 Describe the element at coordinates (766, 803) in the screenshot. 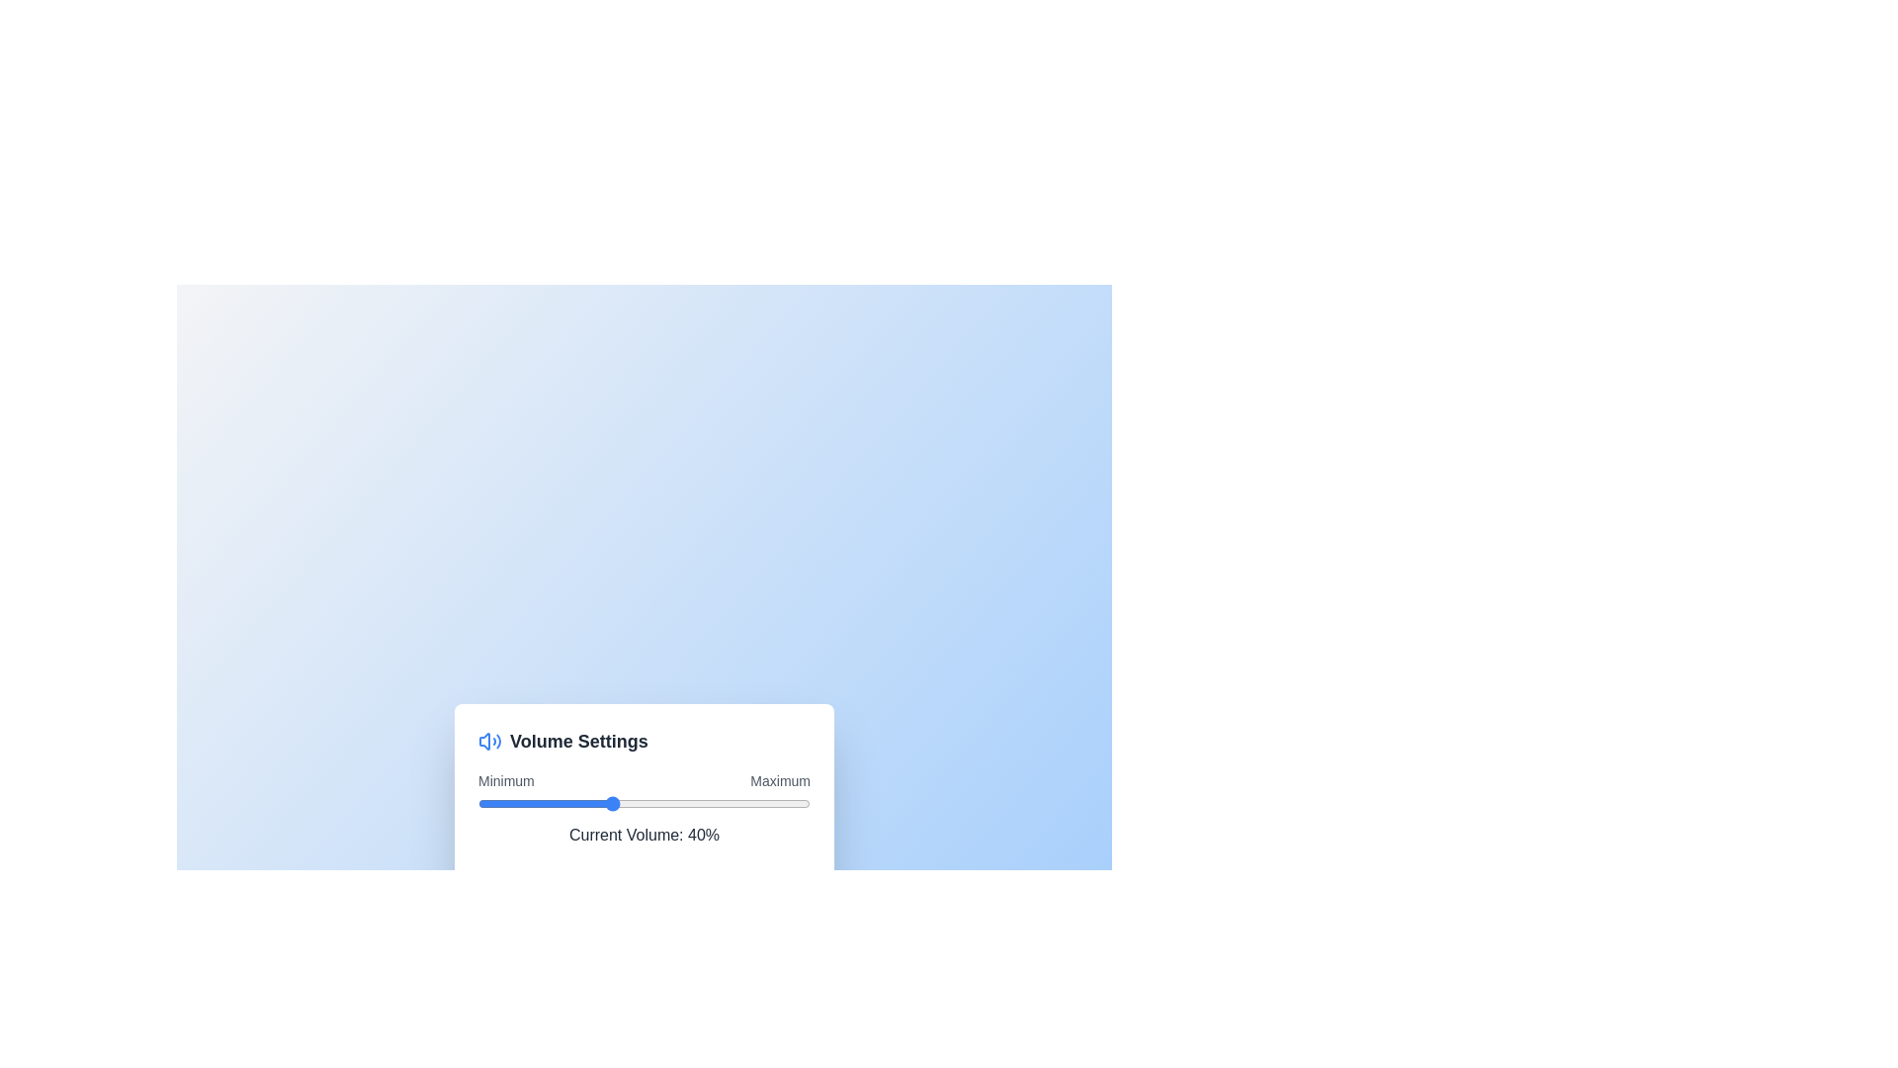

I see `the volume slider to 87%` at that location.